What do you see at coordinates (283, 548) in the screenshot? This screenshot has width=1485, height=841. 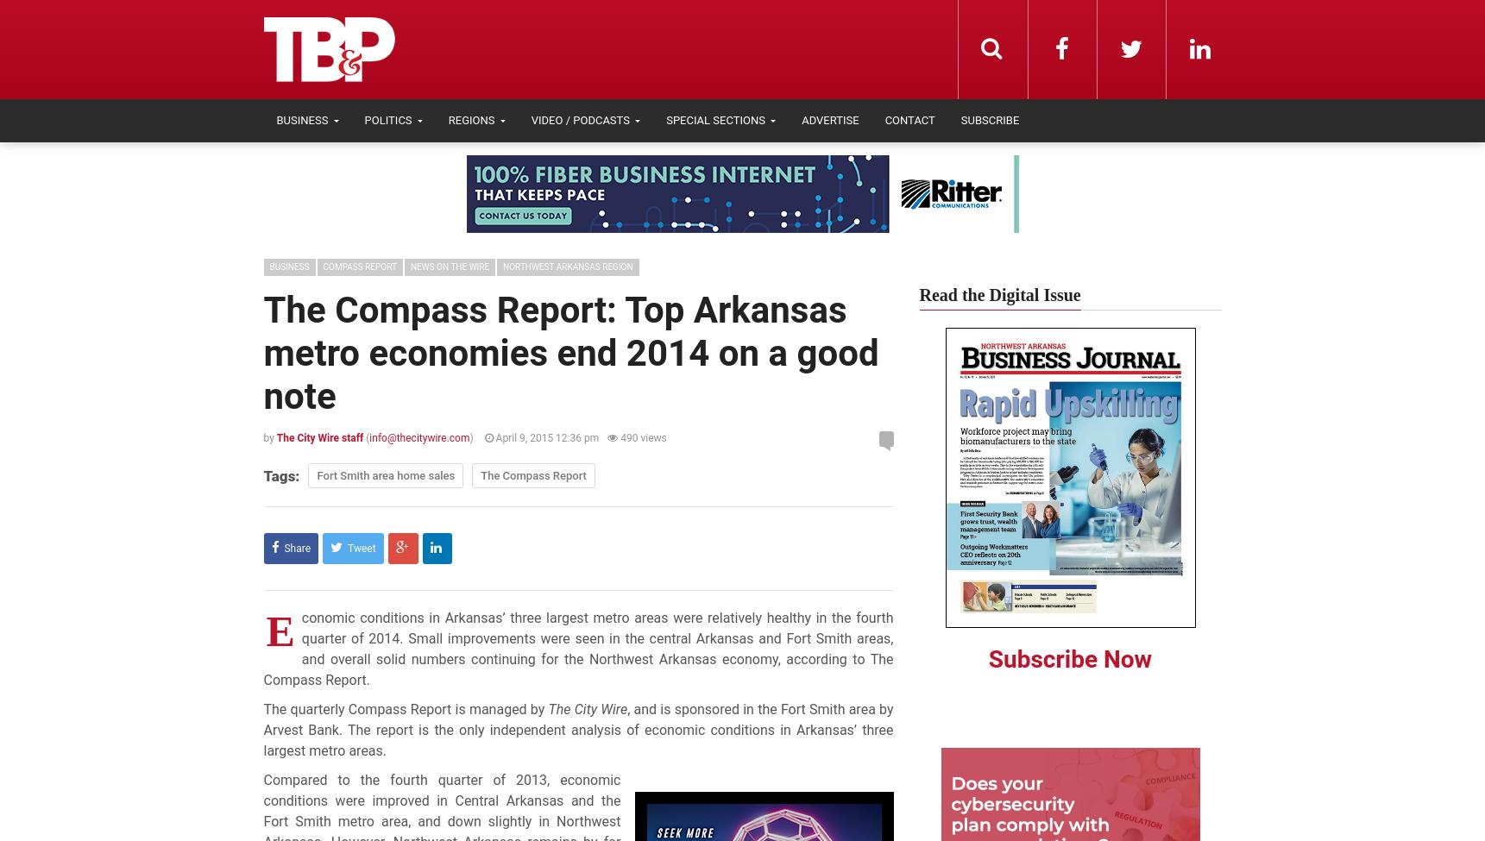 I see `'Share'` at bounding box center [283, 548].